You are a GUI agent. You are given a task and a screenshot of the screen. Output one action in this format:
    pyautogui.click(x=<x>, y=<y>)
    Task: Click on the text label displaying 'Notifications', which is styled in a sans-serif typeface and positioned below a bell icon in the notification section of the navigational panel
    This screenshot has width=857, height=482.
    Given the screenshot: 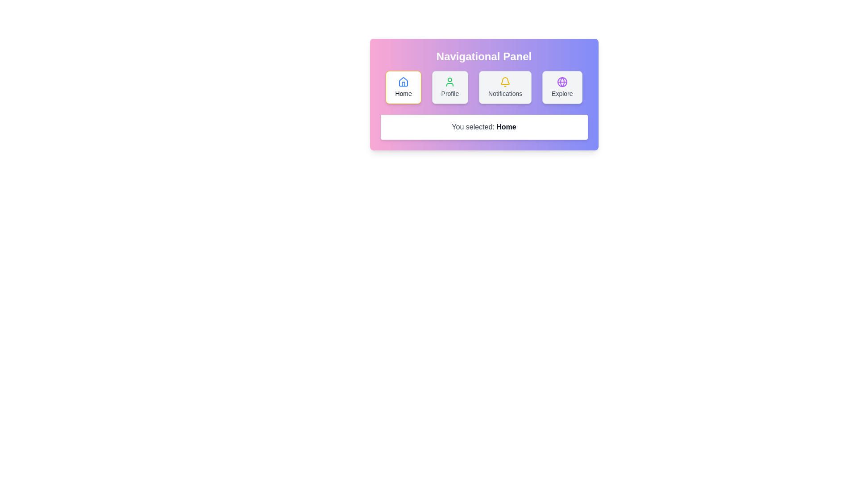 What is the action you would take?
    pyautogui.click(x=505, y=93)
    